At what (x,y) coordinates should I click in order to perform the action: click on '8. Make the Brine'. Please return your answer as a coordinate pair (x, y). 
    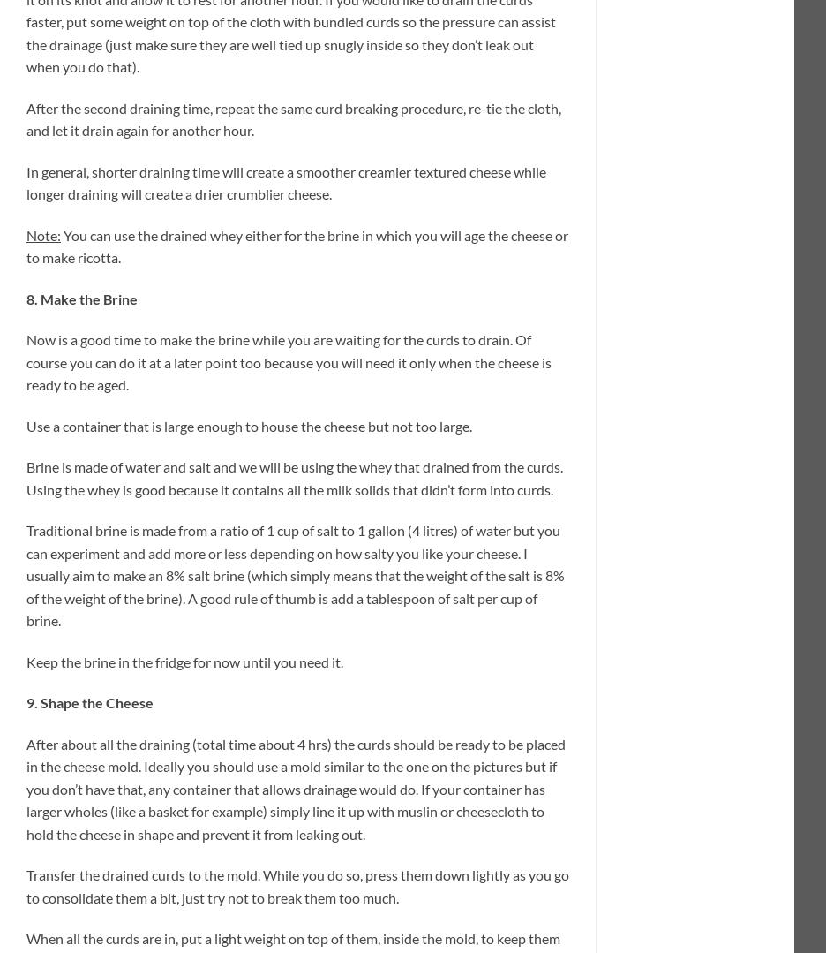
    Looking at the image, I should click on (26, 298).